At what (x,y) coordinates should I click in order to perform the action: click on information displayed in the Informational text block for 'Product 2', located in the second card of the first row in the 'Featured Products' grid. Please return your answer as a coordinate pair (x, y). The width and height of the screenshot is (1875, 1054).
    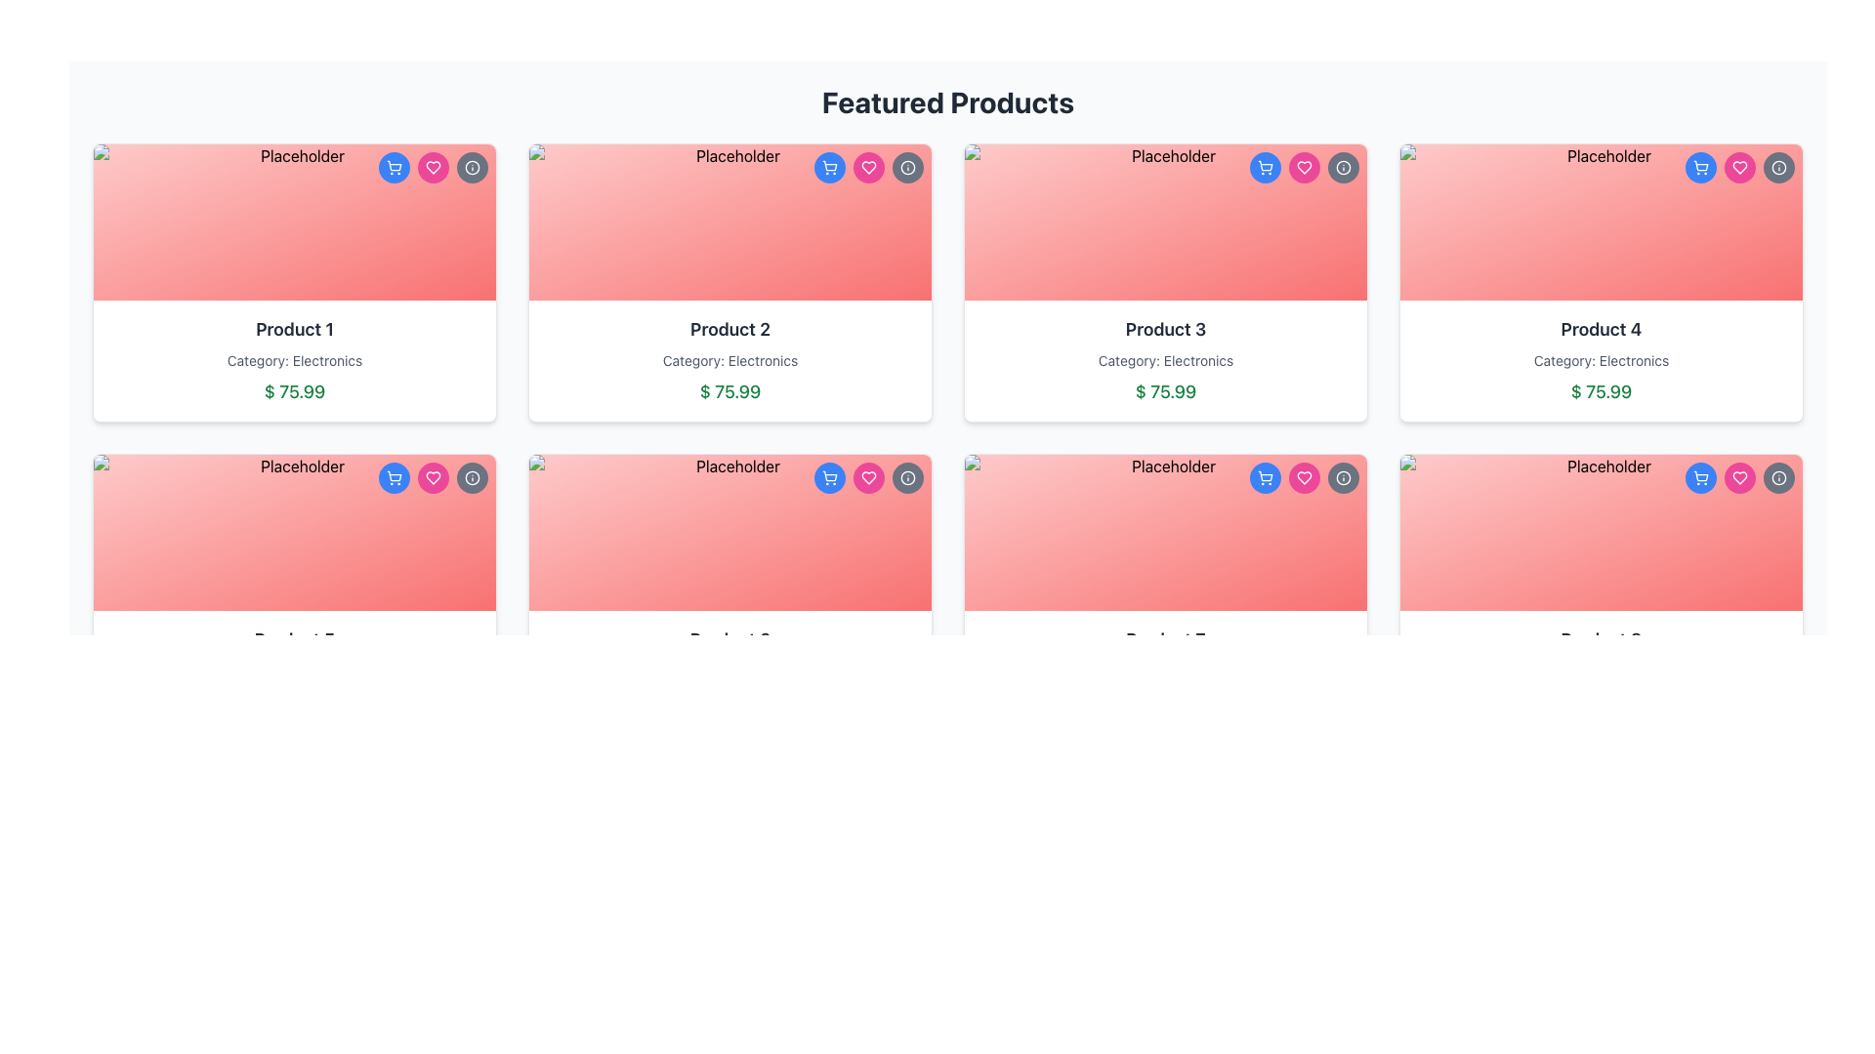
    Looking at the image, I should click on (729, 361).